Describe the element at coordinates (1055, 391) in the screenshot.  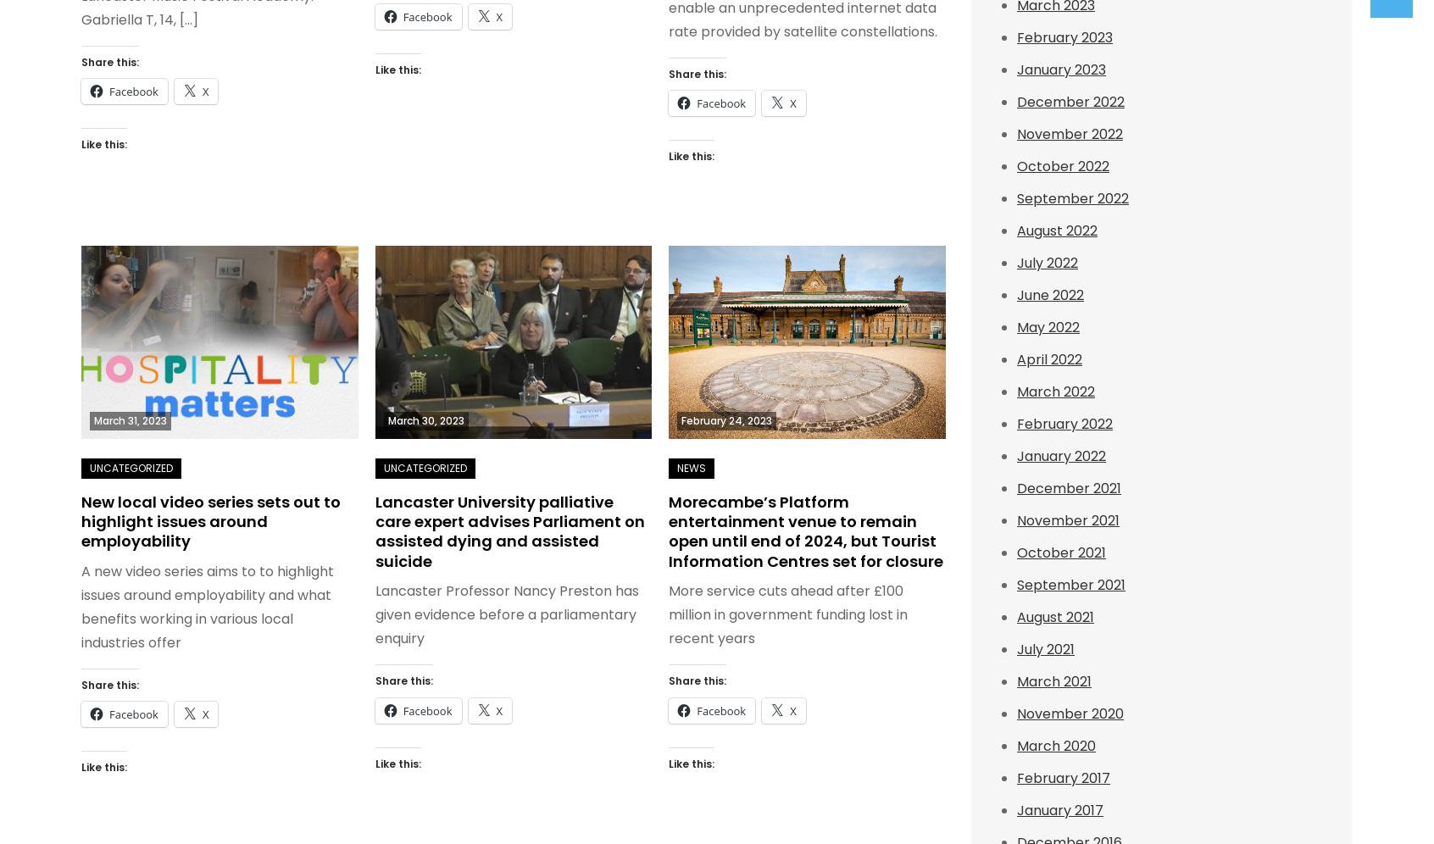
I see `'March 2022'` at that location.